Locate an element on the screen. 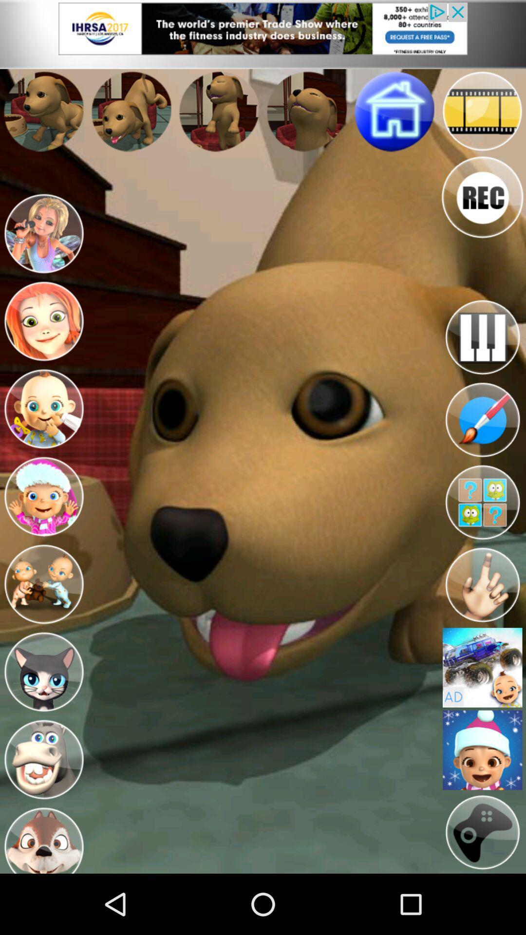  the pause icon is located at coordinates (482, 360).